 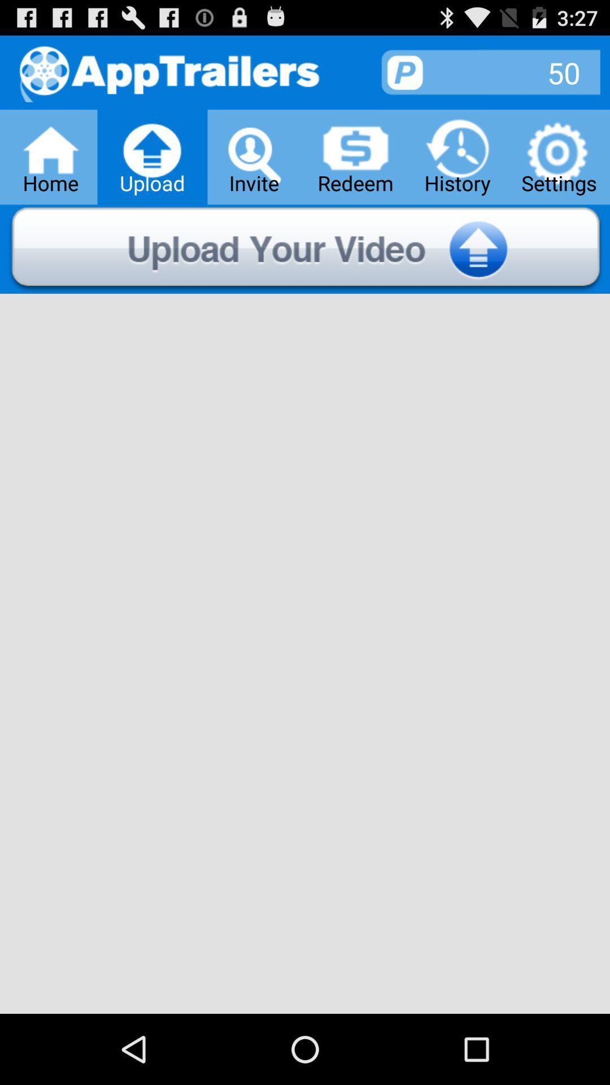 I want to click on app below the home, so click(x=305, y=249).